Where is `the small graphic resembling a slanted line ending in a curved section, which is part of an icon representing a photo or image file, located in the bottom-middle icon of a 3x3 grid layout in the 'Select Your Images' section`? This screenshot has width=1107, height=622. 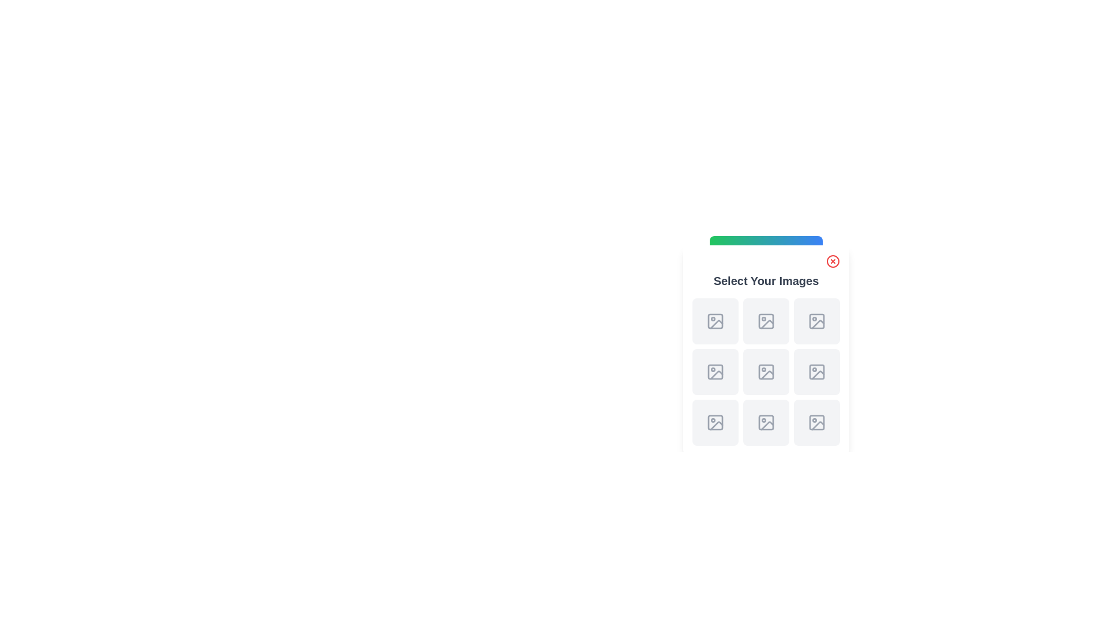
the small graphic resembling a slanted line ending in a curved section, which is part of an icon representing a photo or image file, located in the bottom-middle icon of a 3x3 grid layout in the 'Select Your Images' section is located at coordinates (767, 426).